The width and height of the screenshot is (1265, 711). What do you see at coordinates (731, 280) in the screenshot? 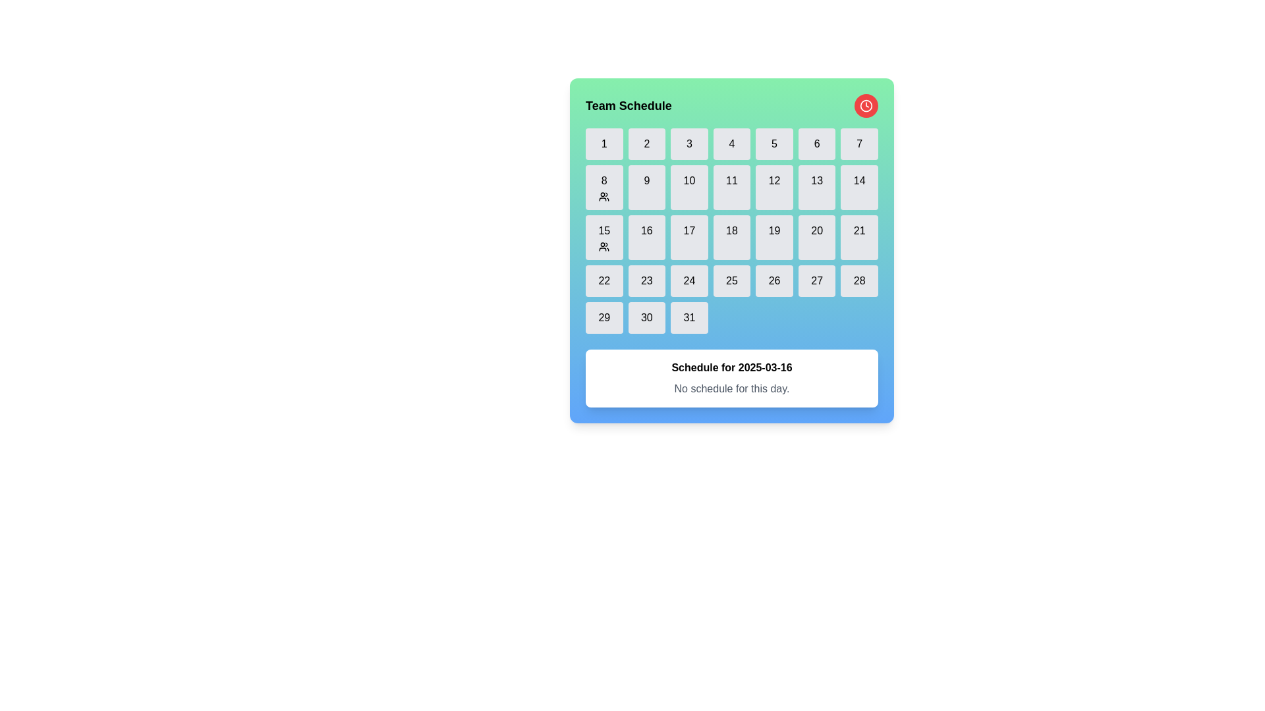
I see `the date '25' button in the calendar interface` at bounding box center [731, 280].